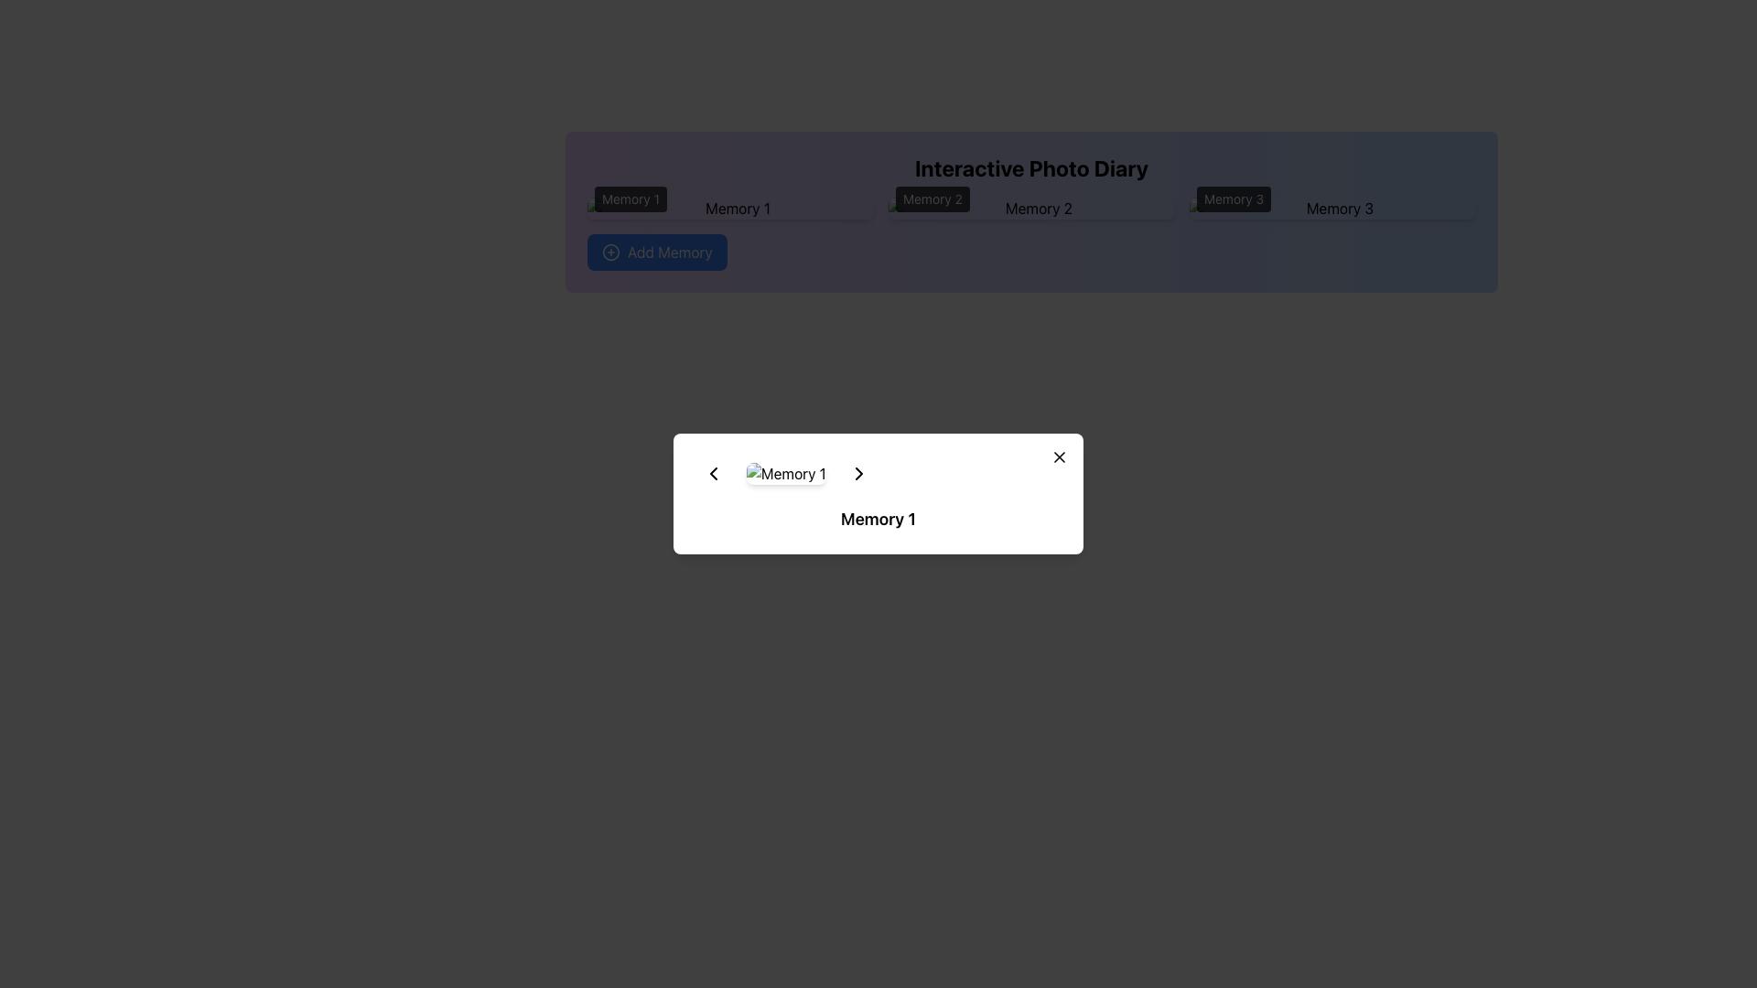 The image size is (1757, 988). Describe the element at coordinates (610, 252) in the screenshot. I see `the hollow circle icon with a plus sign located to the left of the 'Add Memory' button, visually aligned with the button's text label` at that location.